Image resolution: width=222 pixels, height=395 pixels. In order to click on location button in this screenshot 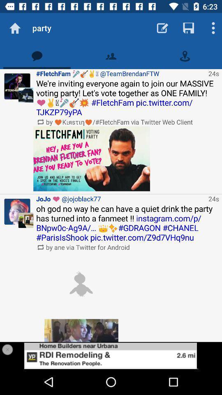, I will do `click(185, 56)`.